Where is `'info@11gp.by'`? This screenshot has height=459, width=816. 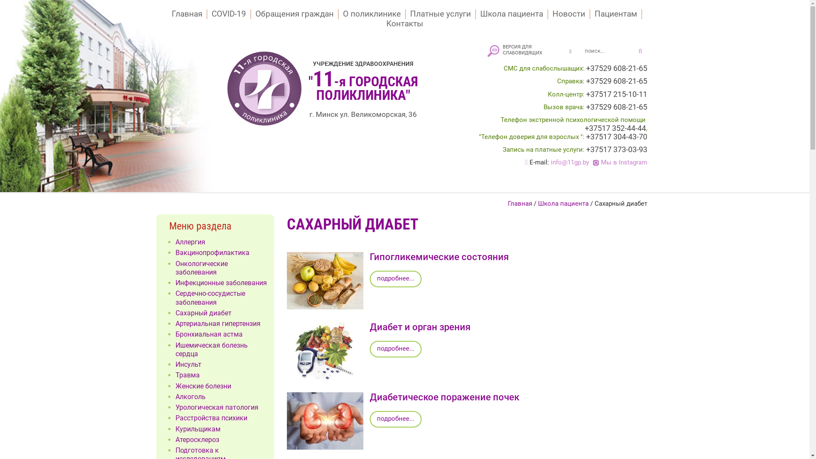
'info@11gp.by' is located at coordinates (569, 162).